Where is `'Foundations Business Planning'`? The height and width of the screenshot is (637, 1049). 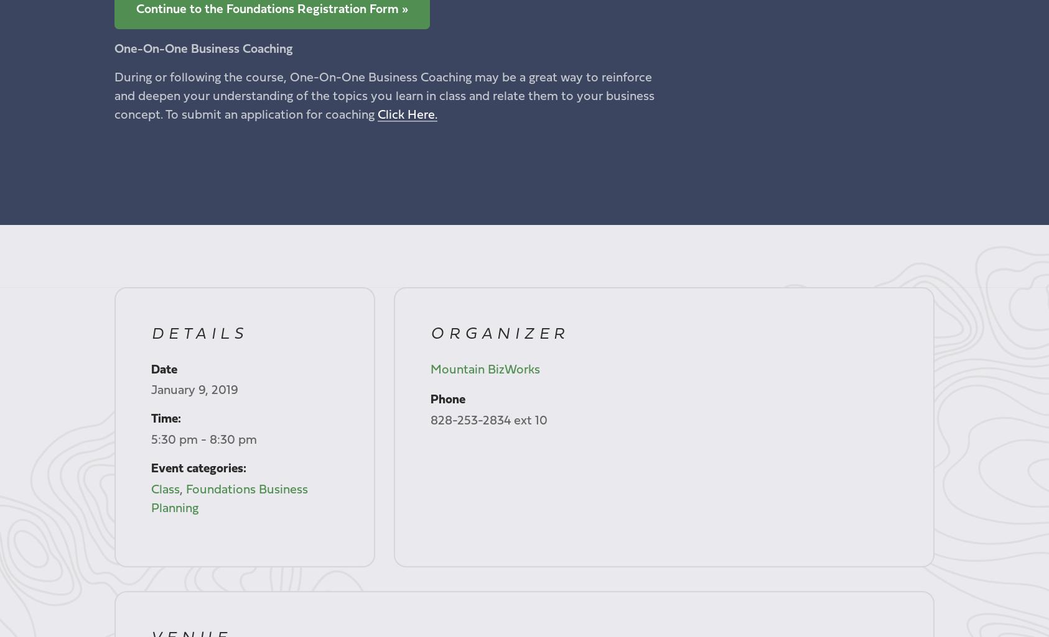
'Foundations Business Planning' is located at coordinates (228, 499).